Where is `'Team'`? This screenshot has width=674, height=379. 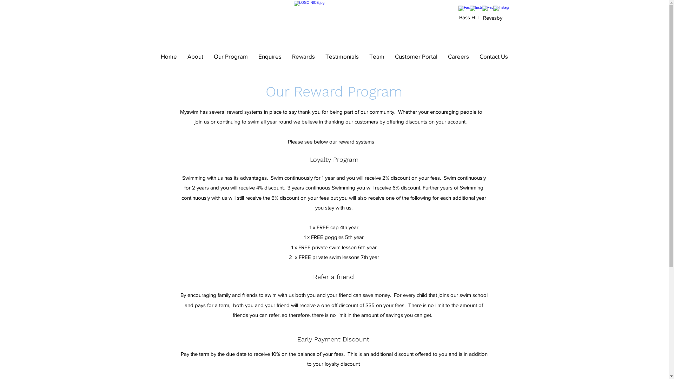 'Team' is located at coordinates (376, 56).